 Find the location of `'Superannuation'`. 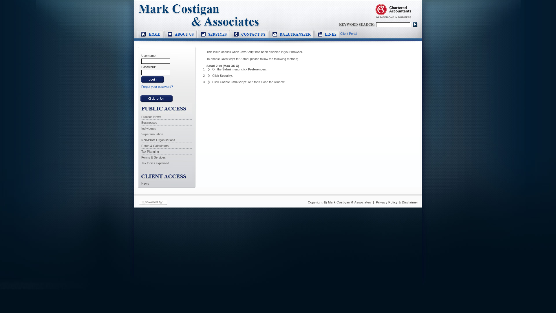

'Superannuation' is located at coordinates (152, 134).